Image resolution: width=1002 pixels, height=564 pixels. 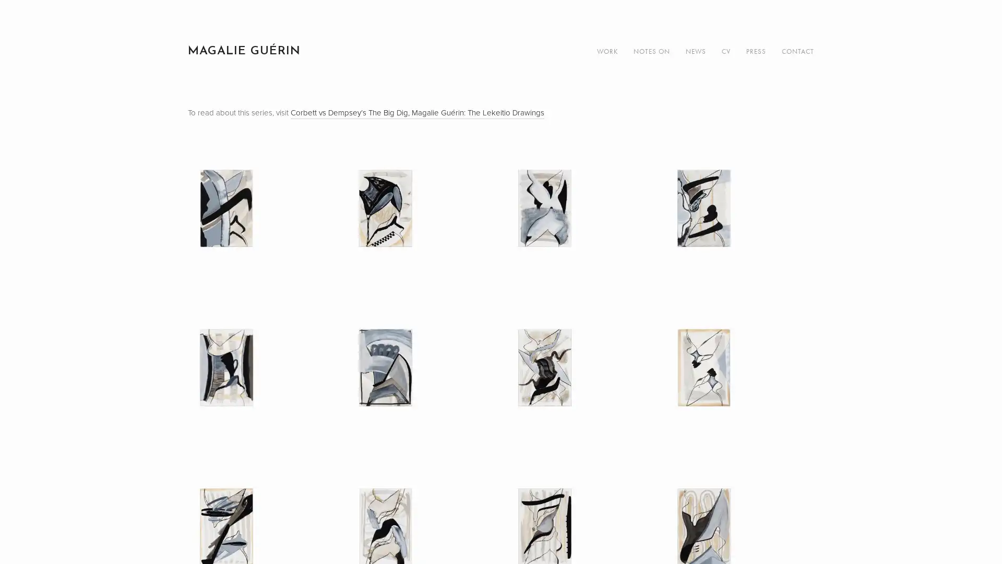 I want to click on View fullsize Untitled (LK 08), 2019, so click(x=739, y=403).